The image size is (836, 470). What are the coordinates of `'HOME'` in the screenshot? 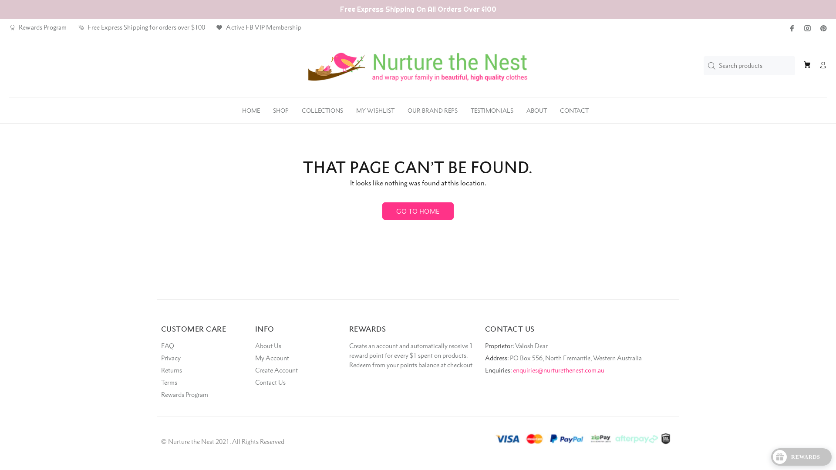 It's located at (250, 108).